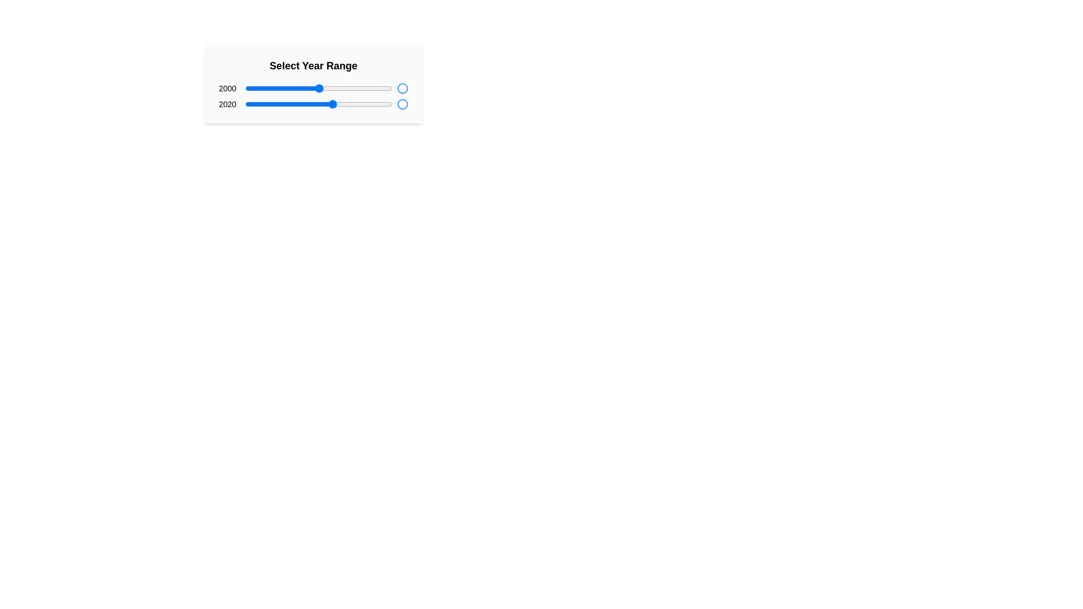  Describe the element at coordinates (305, 88) in the screenshot. I see `the slider` at that location.